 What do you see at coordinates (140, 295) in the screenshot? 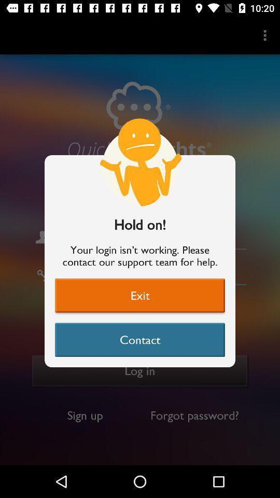
I see `icon below the your login isn icon` at bounding box center [140, 295].